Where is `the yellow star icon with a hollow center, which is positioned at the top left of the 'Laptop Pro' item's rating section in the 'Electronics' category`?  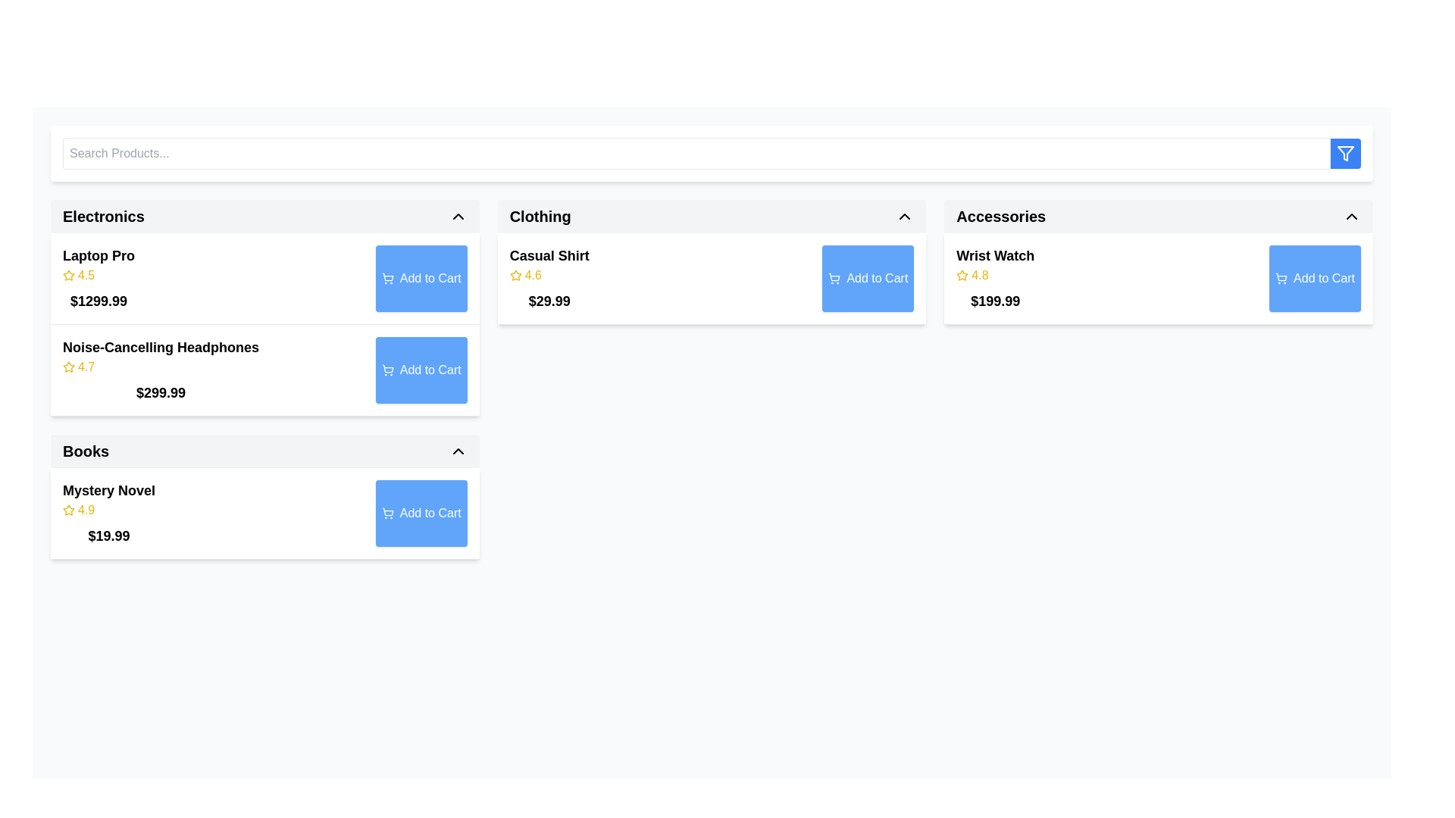
the yellow star icon with a hollow center, which is positioned at the top left of the 'Laptop Pro' item's rating section in the 'Electronics' category is located at coordinates (68, 275).